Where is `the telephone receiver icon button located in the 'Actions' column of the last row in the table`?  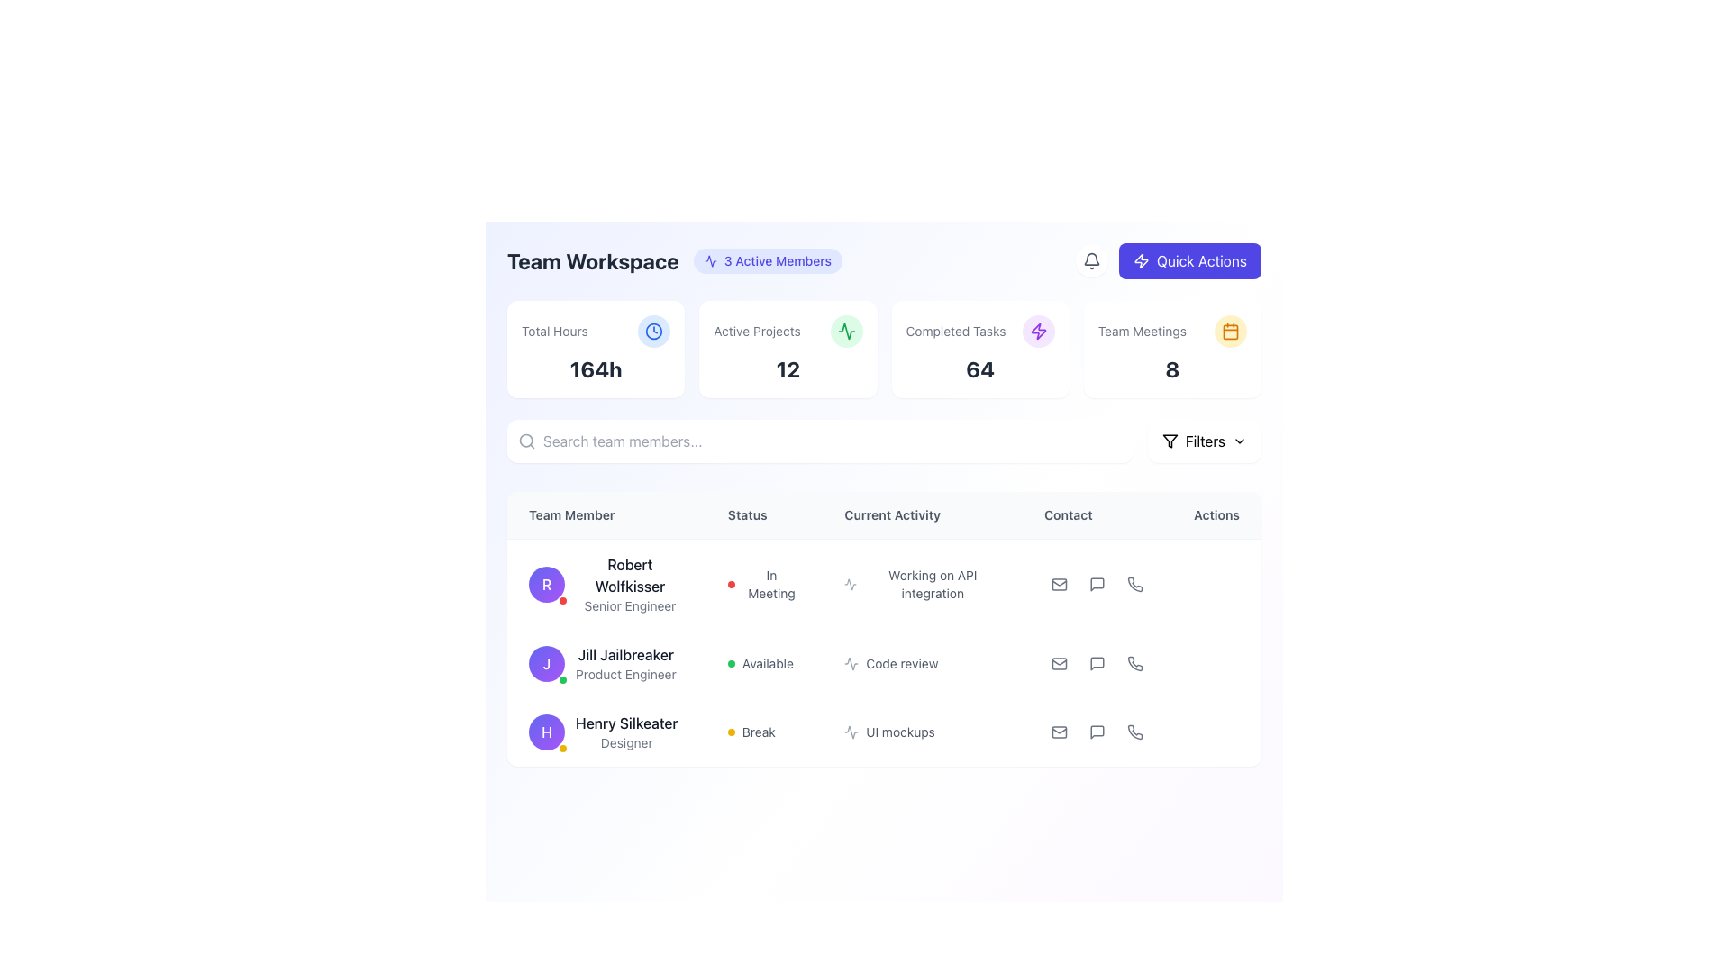
the telephone receiver icon button located in the 'Actions' column of the last row in the table is located at coordinates (1134, 732).